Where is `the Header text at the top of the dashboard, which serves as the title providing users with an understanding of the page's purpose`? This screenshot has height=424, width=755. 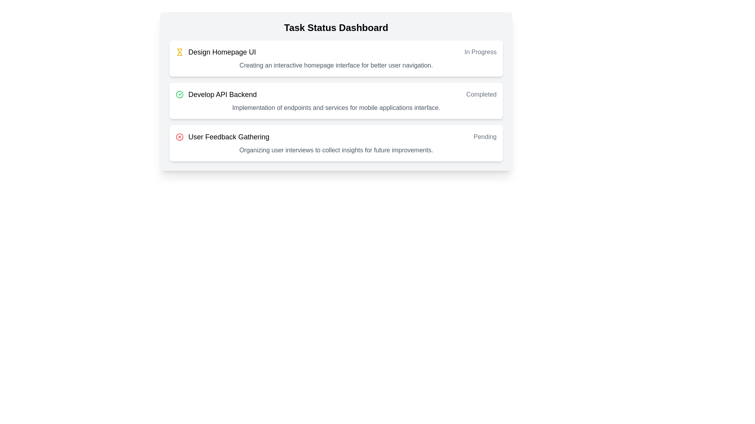
the Header text at the top of the dashboard, which serves as the title providing users with an understanding of the page's purpose is located at coordinates (336, 27).